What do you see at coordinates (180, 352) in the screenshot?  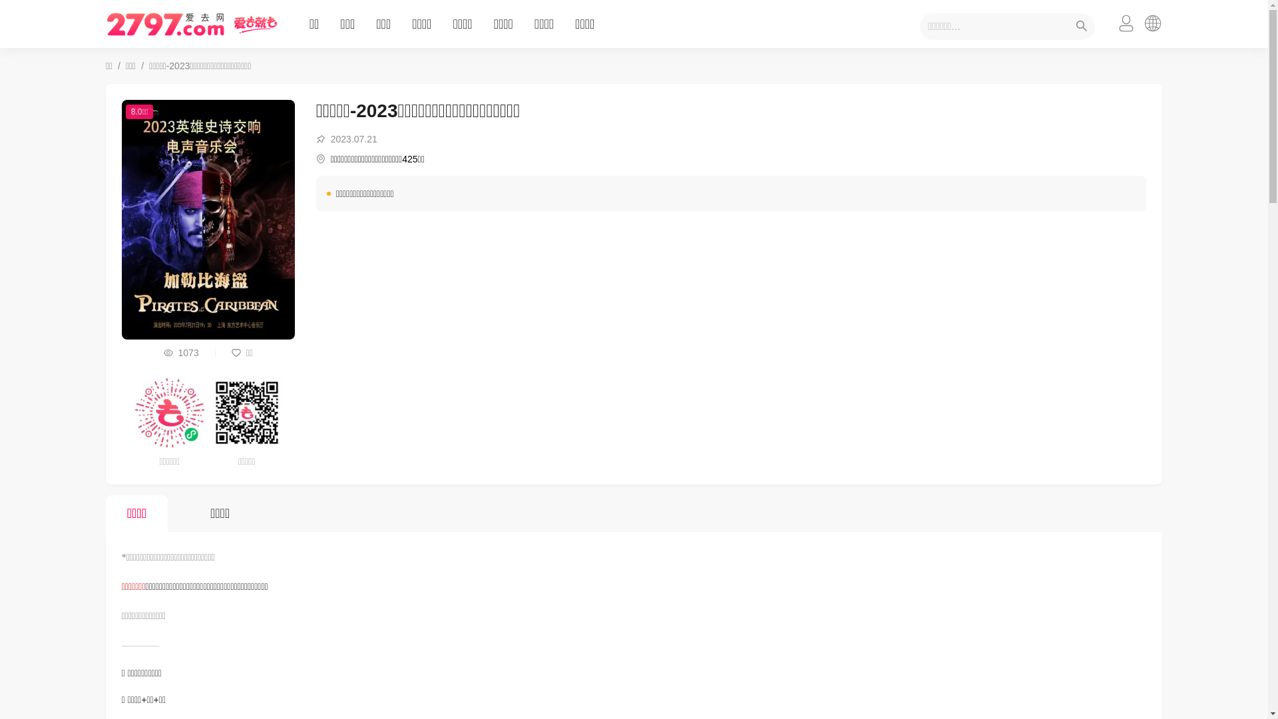 I see `'1073'` at bounding box center [180, 352].